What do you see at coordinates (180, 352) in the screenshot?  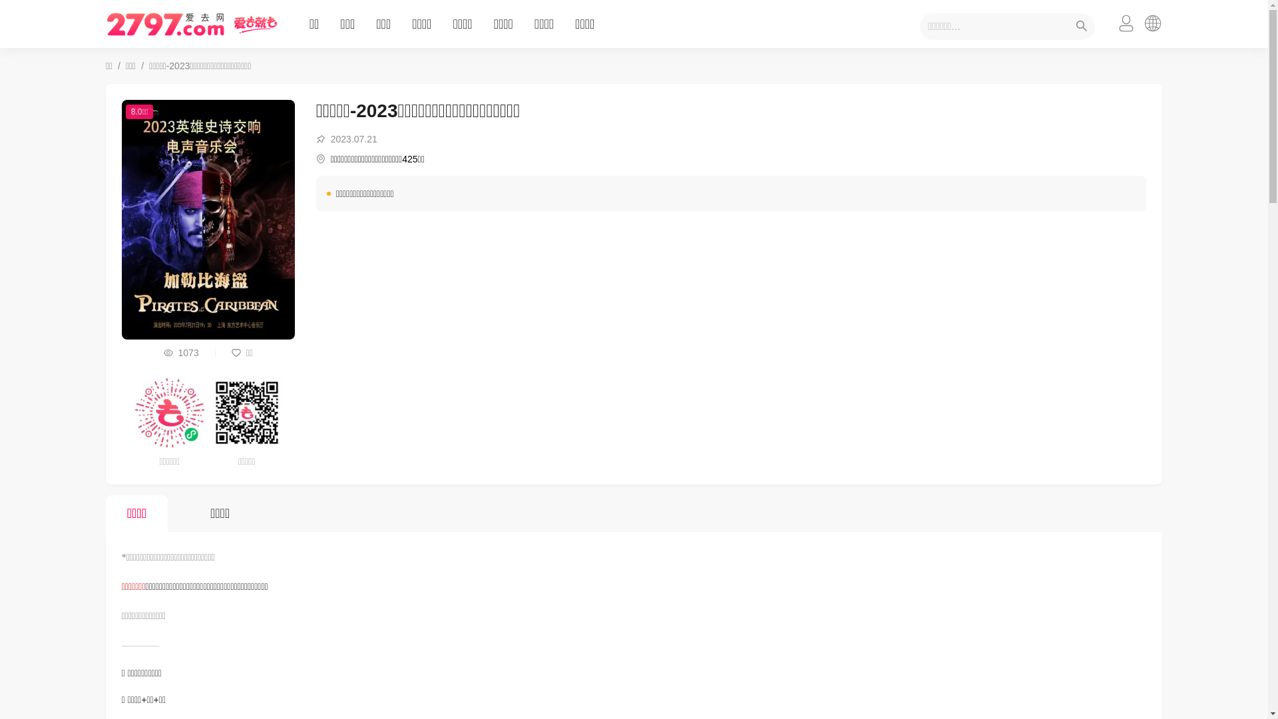 I see `'1073'` at bounding box center [180, 352].